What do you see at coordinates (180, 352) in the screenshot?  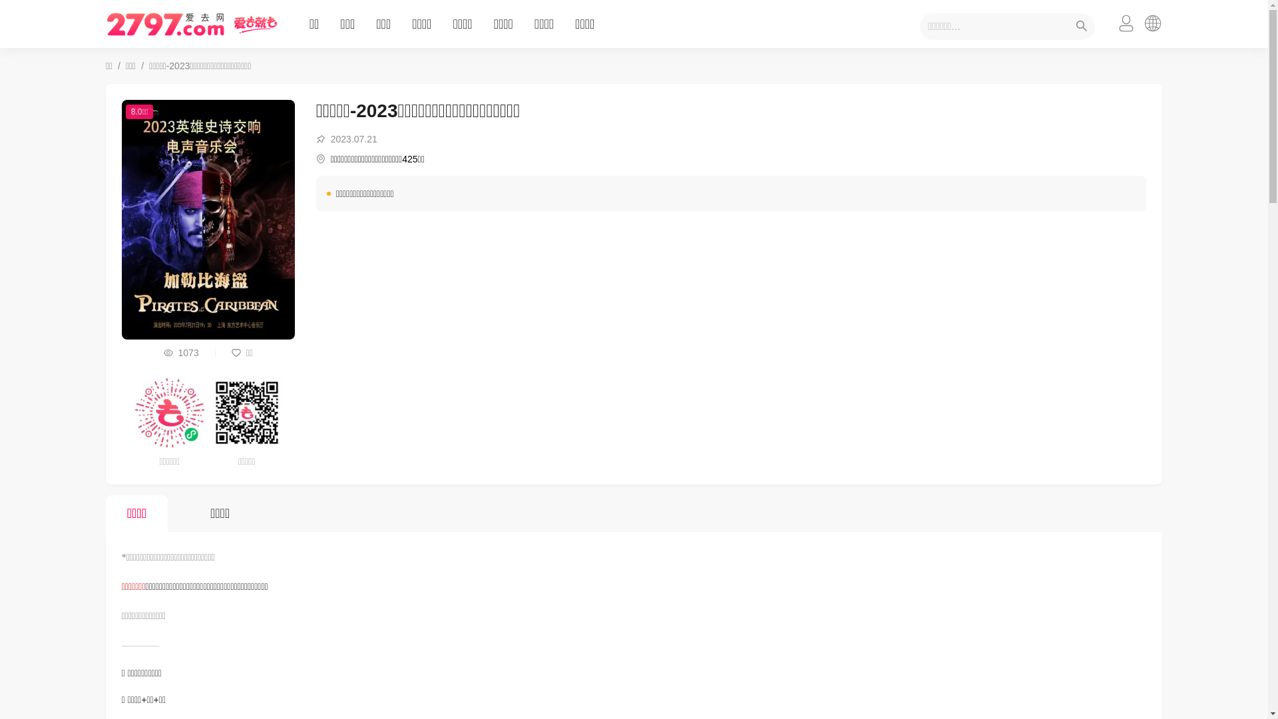 I see `'1073'` at bounding box center [180, 352].